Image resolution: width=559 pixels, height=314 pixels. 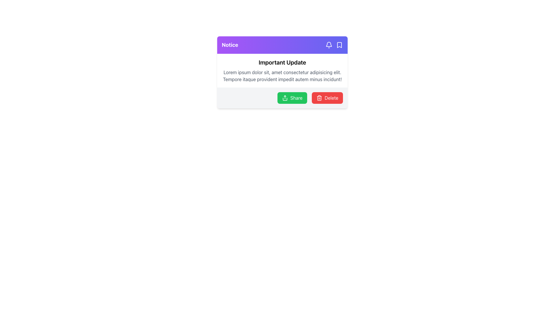 I want to click on the notification icon located in the top right corner of the purple header section within the 'Notice' card, which is the first of two icons and positioned left of the bookmark icon, so click(x=329, y=44).